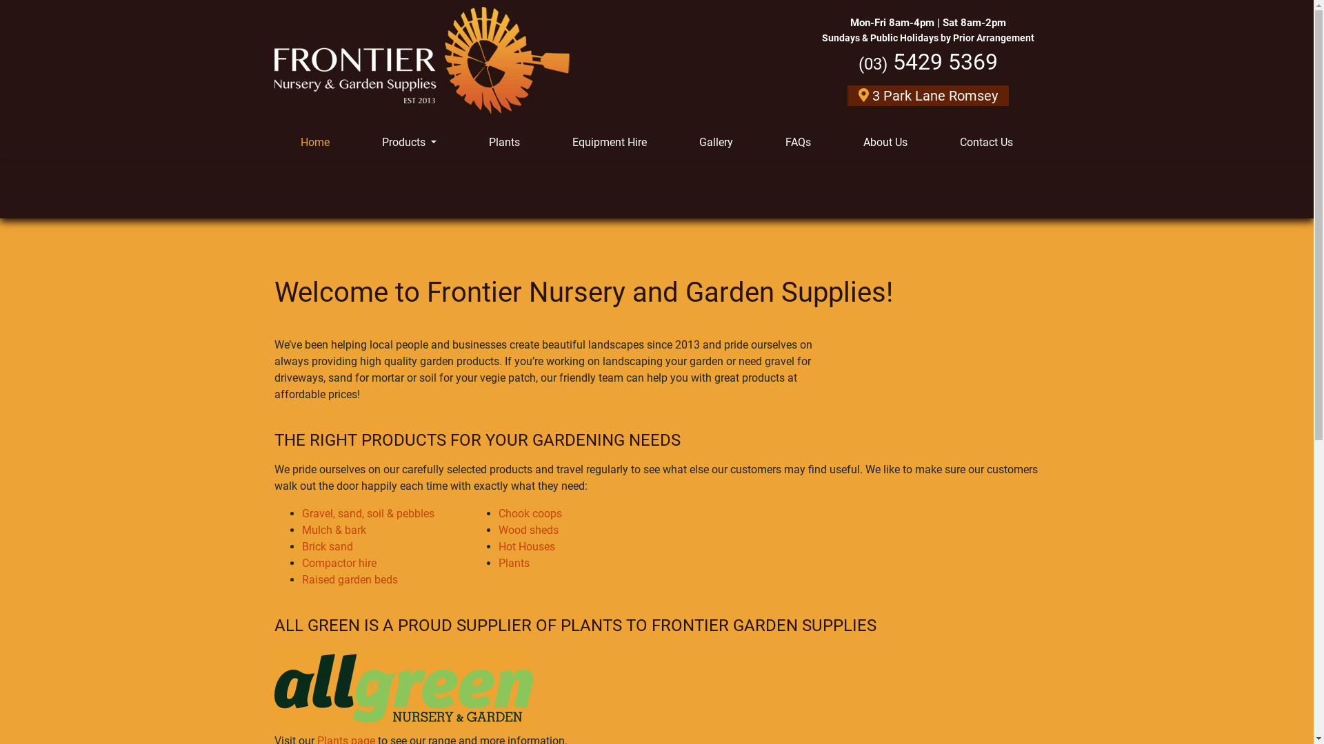  I want to click on 'Mulch & bark', so click(334, 529).